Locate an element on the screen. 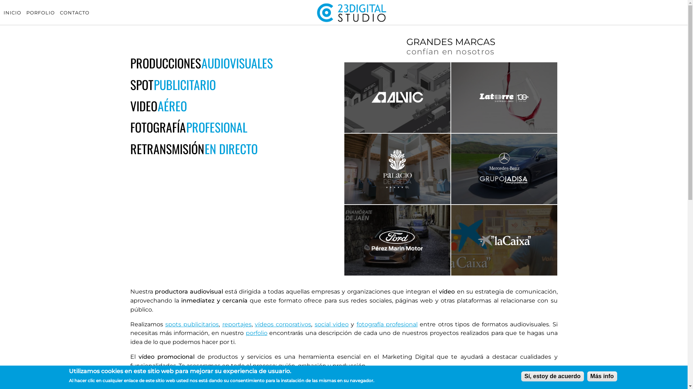 The width and height of the screenshot is (693, 389). 'reportajes' is located at coordinates (222, 324).